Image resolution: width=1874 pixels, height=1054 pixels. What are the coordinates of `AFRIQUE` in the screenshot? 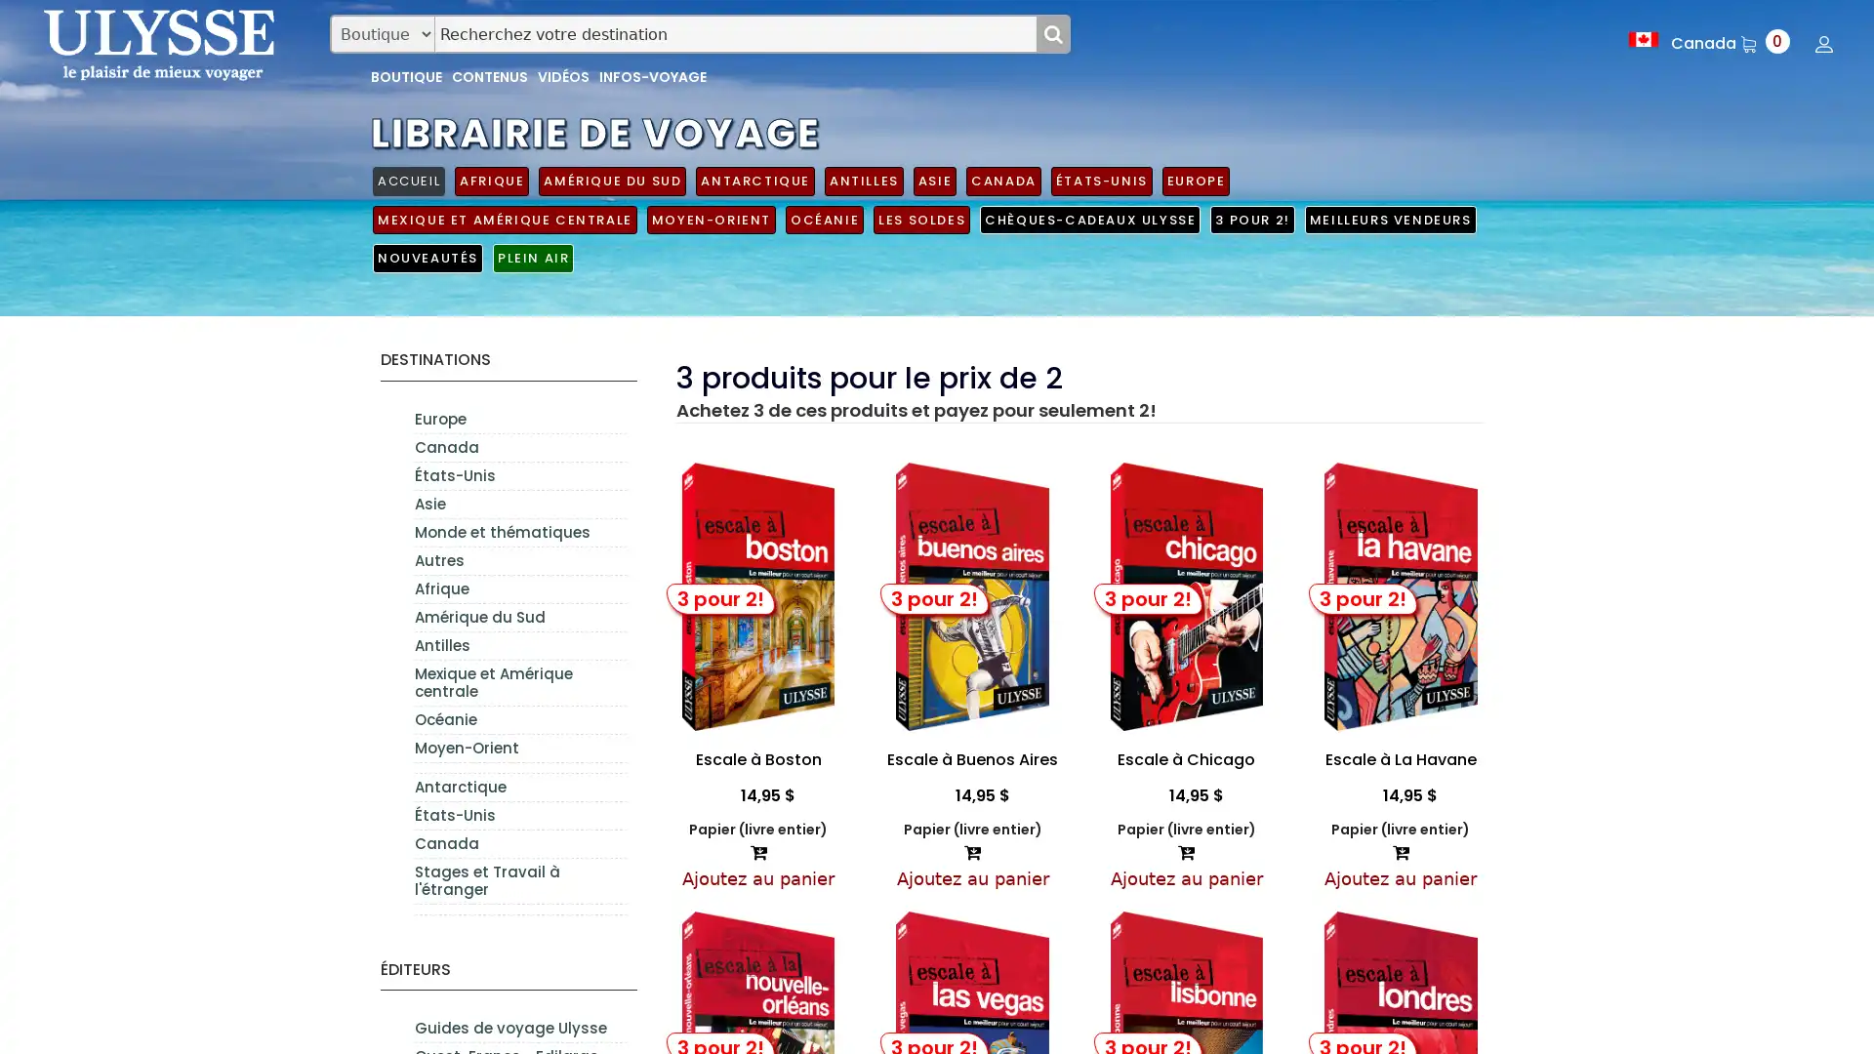 It's located at (492, 181).